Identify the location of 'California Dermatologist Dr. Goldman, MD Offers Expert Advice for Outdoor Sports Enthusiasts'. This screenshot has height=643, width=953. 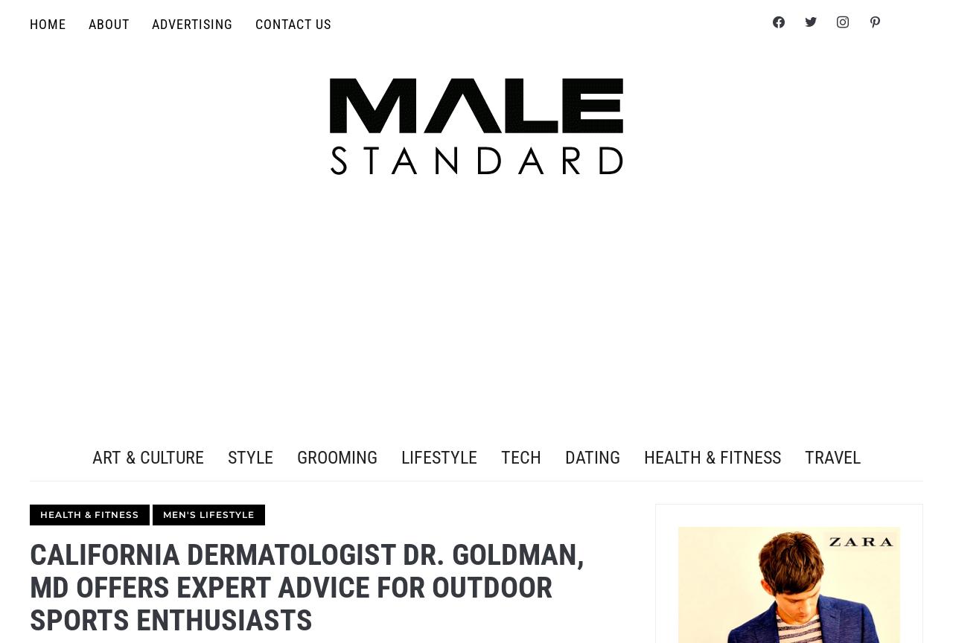
(306, 586).